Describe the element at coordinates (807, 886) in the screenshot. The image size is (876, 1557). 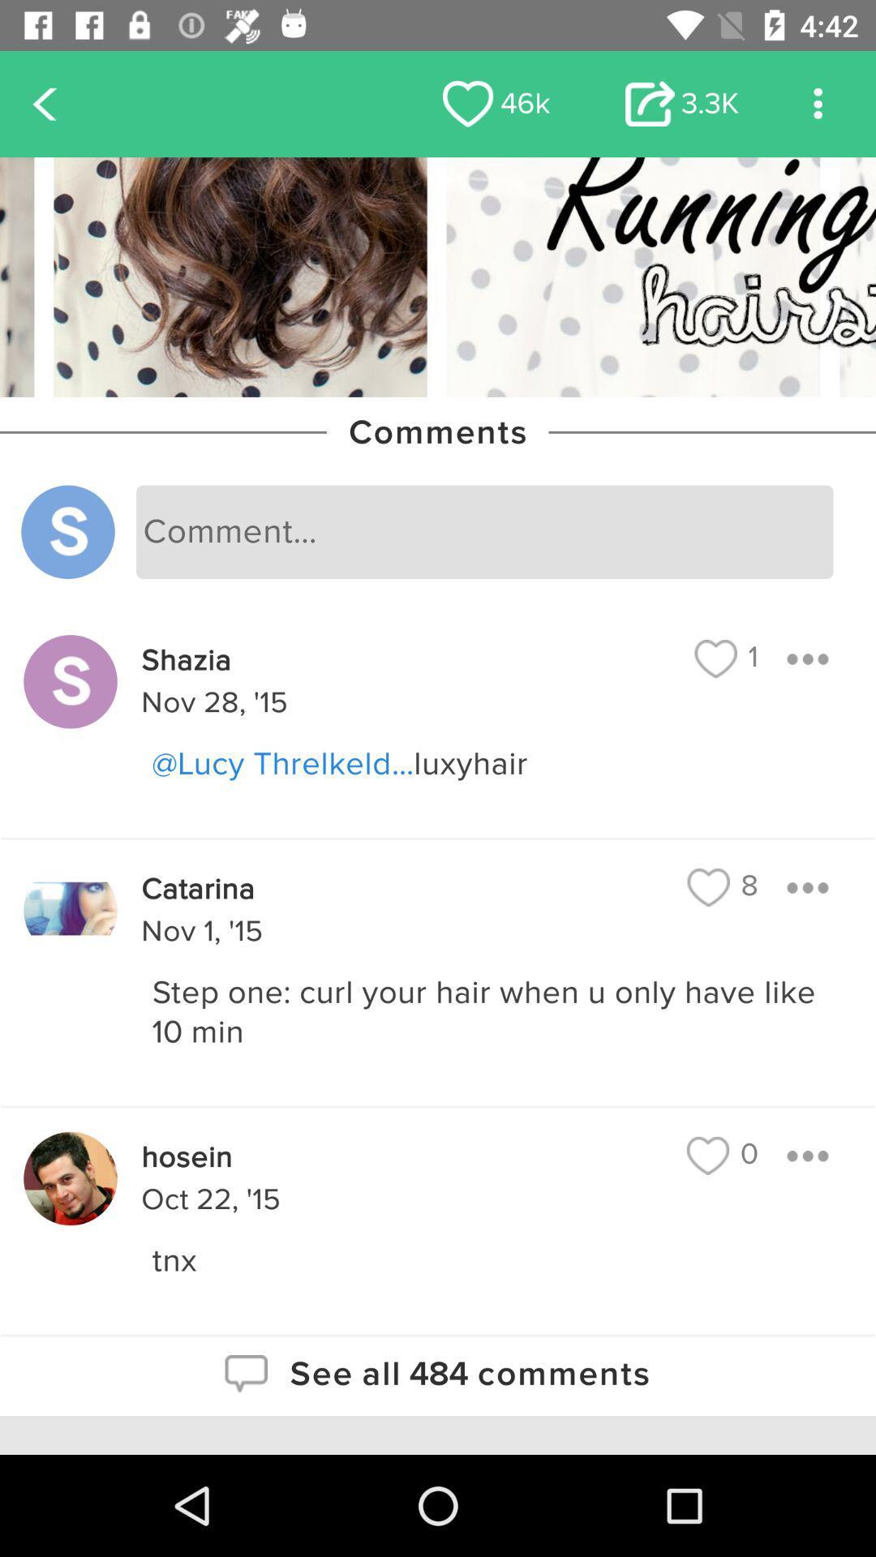
I see `more options` at that location.